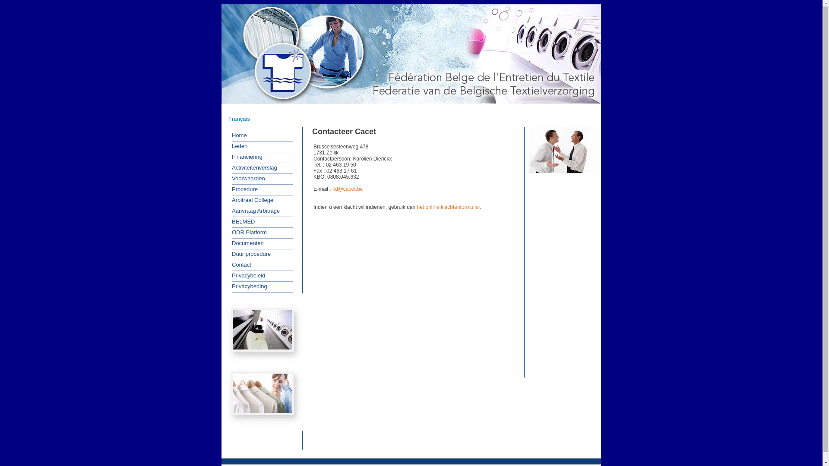  I want to click on 'Documenten', so click(244, 243).